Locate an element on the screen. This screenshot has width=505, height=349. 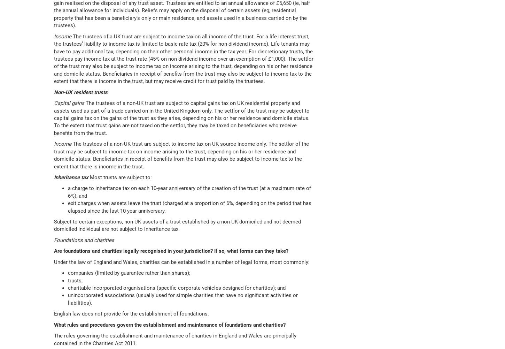
'companies (limited by guarantee rather than shares);' is located at coordinates (129, 273).